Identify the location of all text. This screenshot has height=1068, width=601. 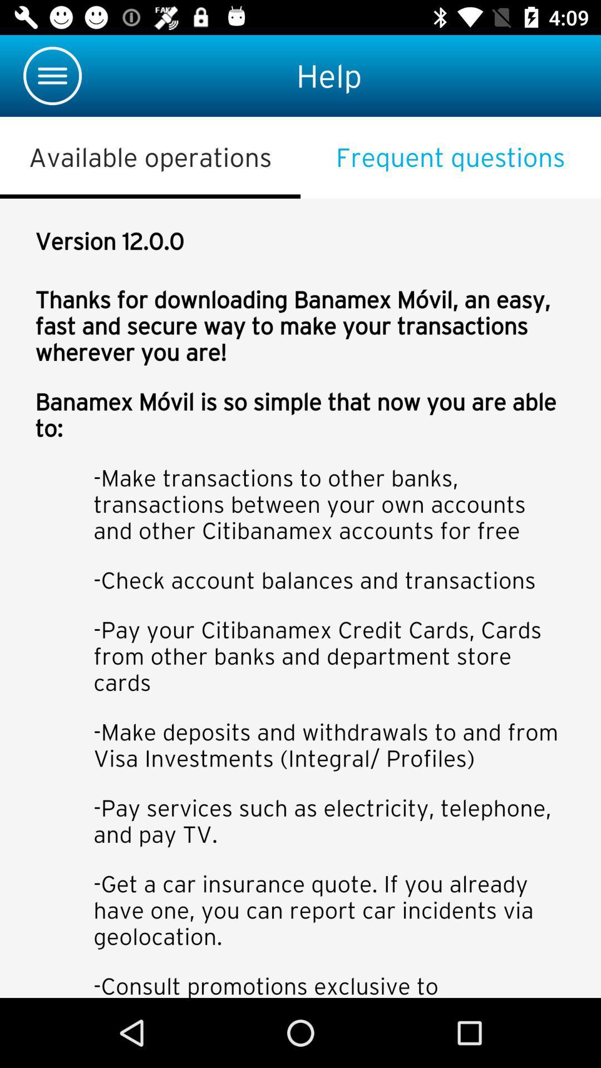
(300, 597).